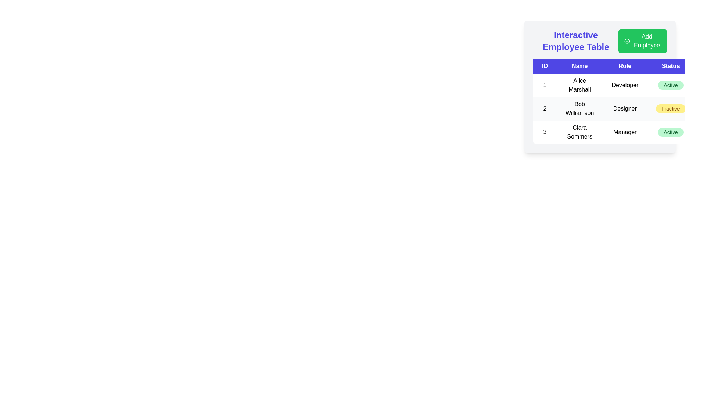 This screenshot has width=706, height=397. I want to click on the first Table Header Cell in the 'Interactive Employee Table' that indicates unique identifiers for each row entry, so click(545, 66).